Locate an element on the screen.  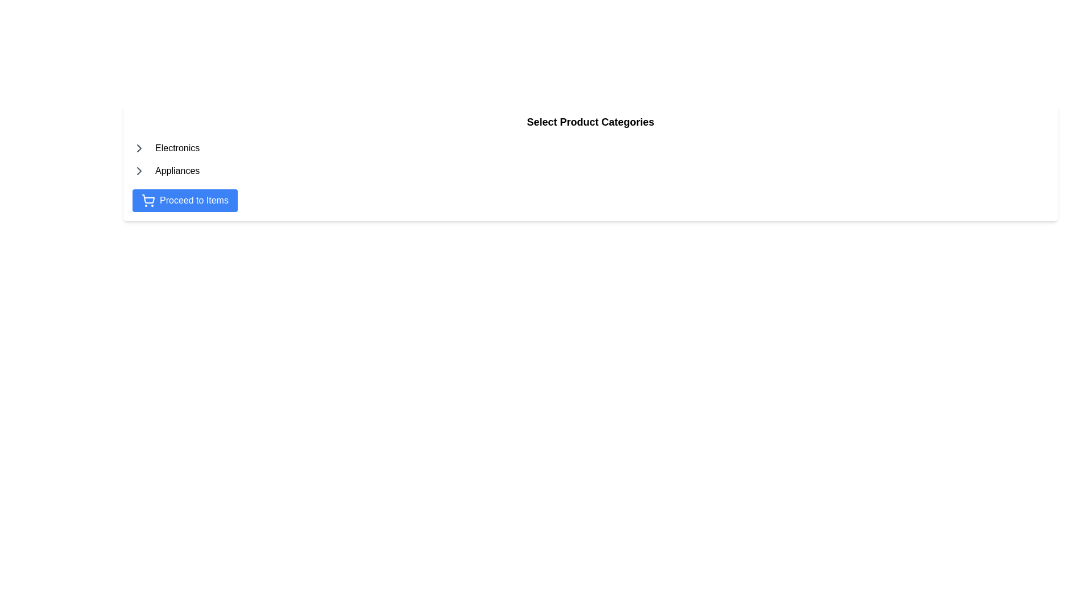
the decorative shopping icon within the 'Proceed to Items' button, located towards the bottom-right of the button is located at coordinates (148, 198).